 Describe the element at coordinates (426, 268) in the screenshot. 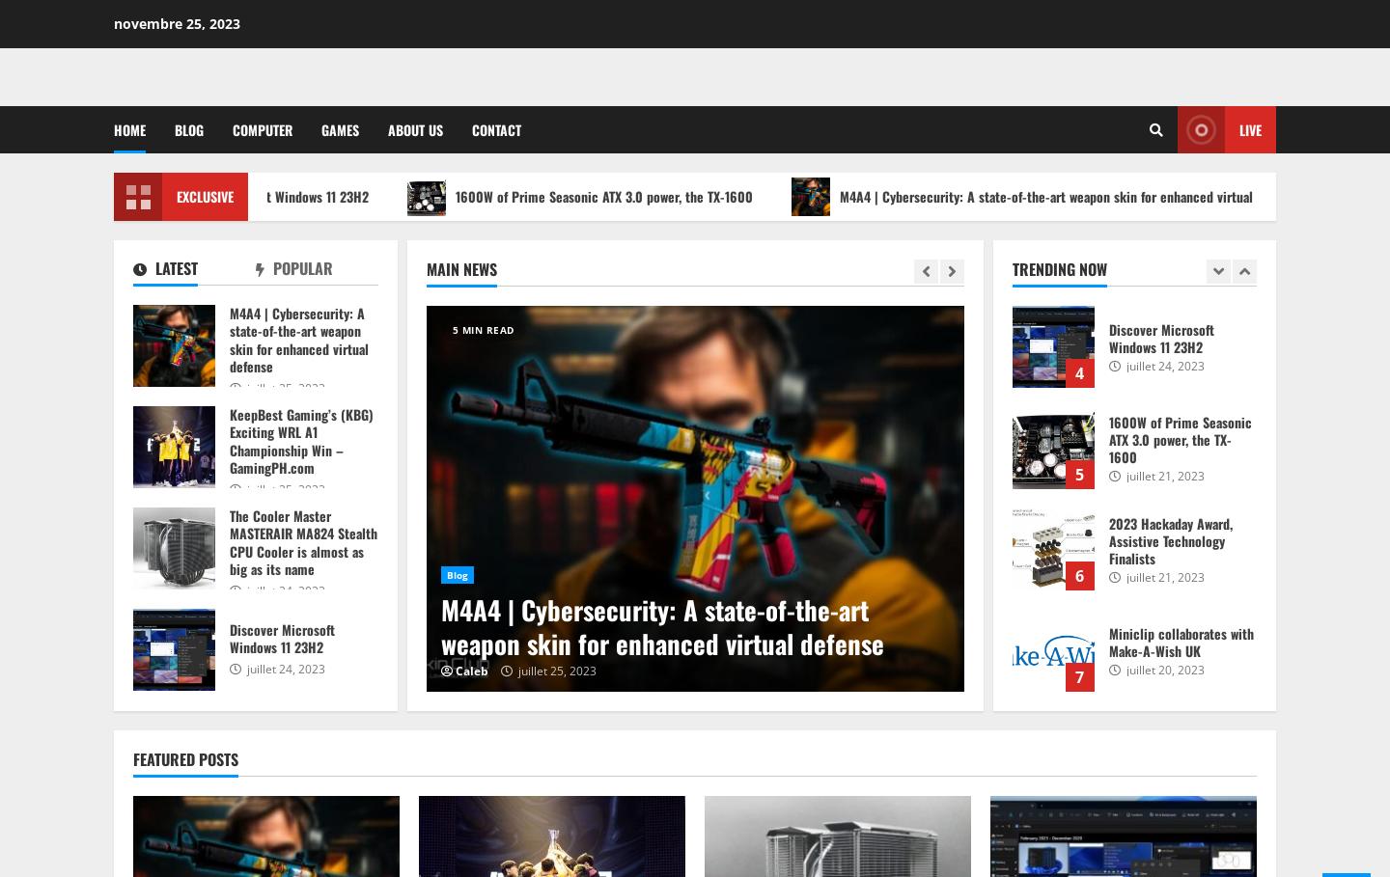

I see `'Main News'` at that location.